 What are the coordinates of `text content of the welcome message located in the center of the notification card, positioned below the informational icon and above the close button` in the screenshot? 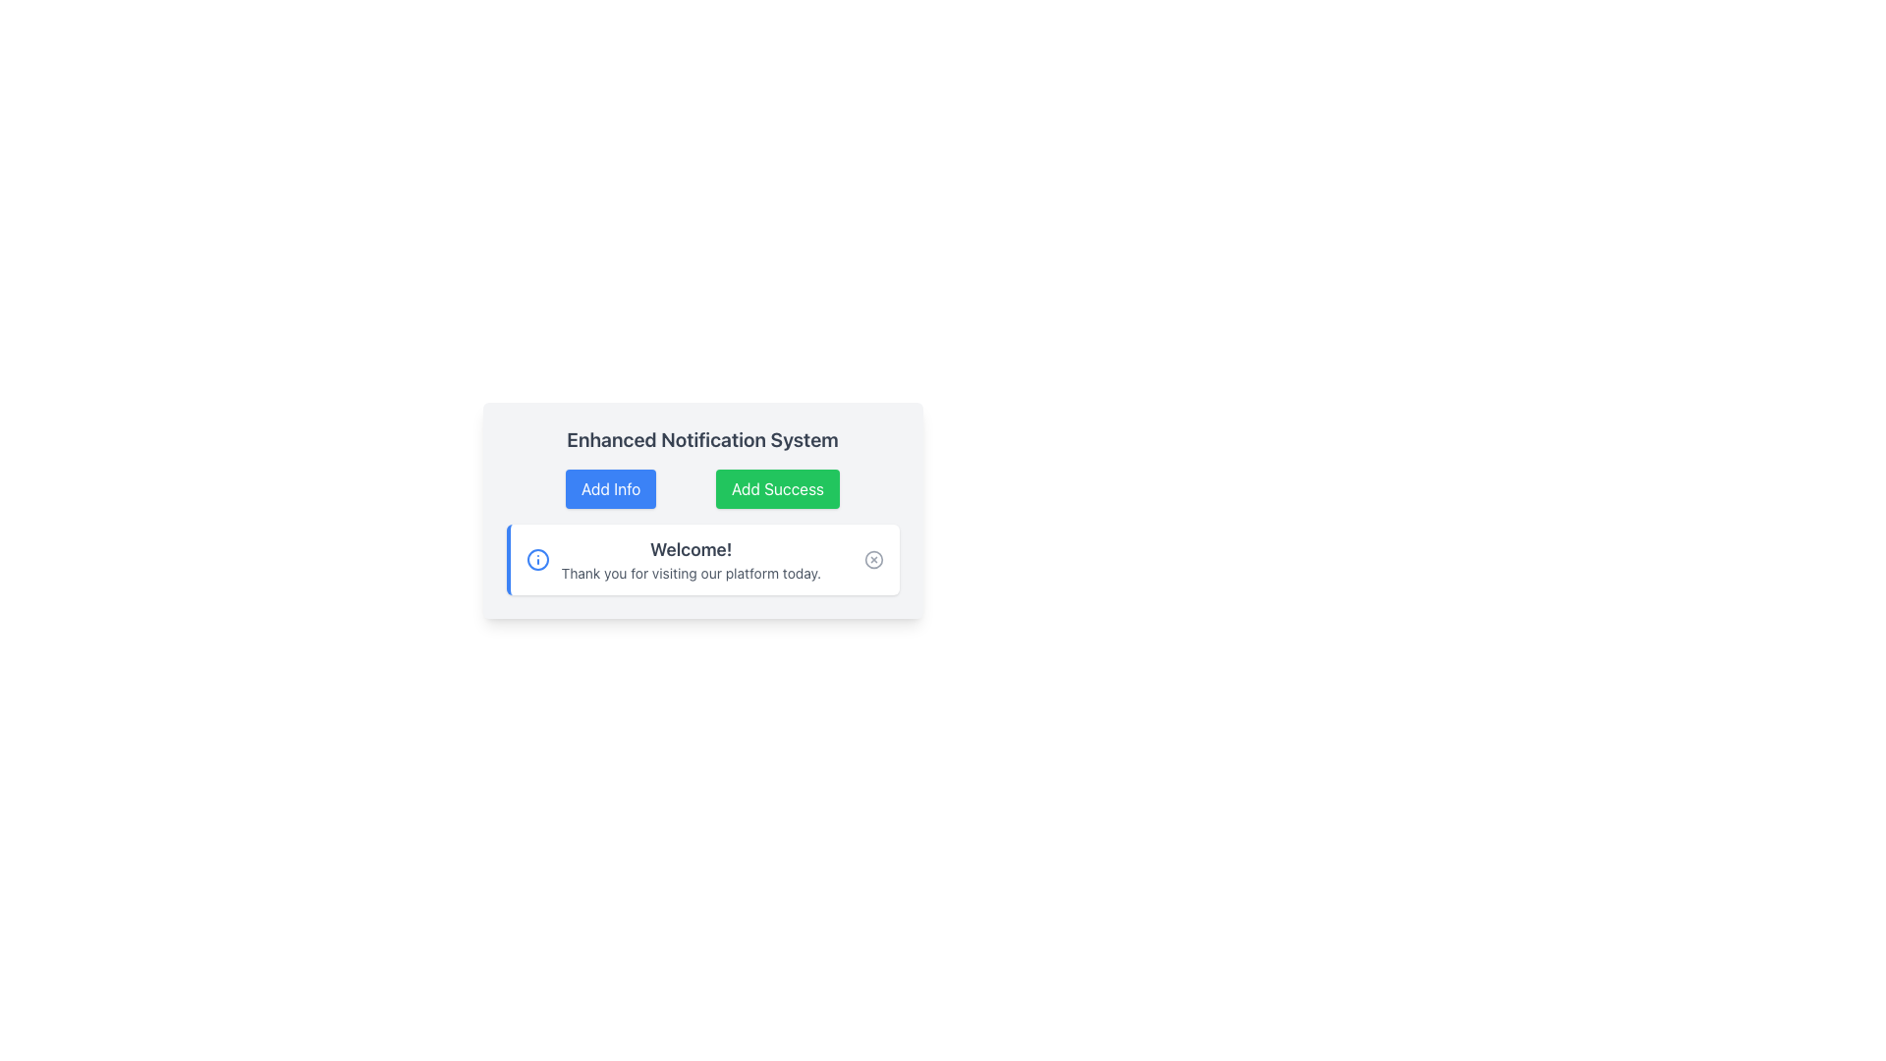 It's located at (691, 560).